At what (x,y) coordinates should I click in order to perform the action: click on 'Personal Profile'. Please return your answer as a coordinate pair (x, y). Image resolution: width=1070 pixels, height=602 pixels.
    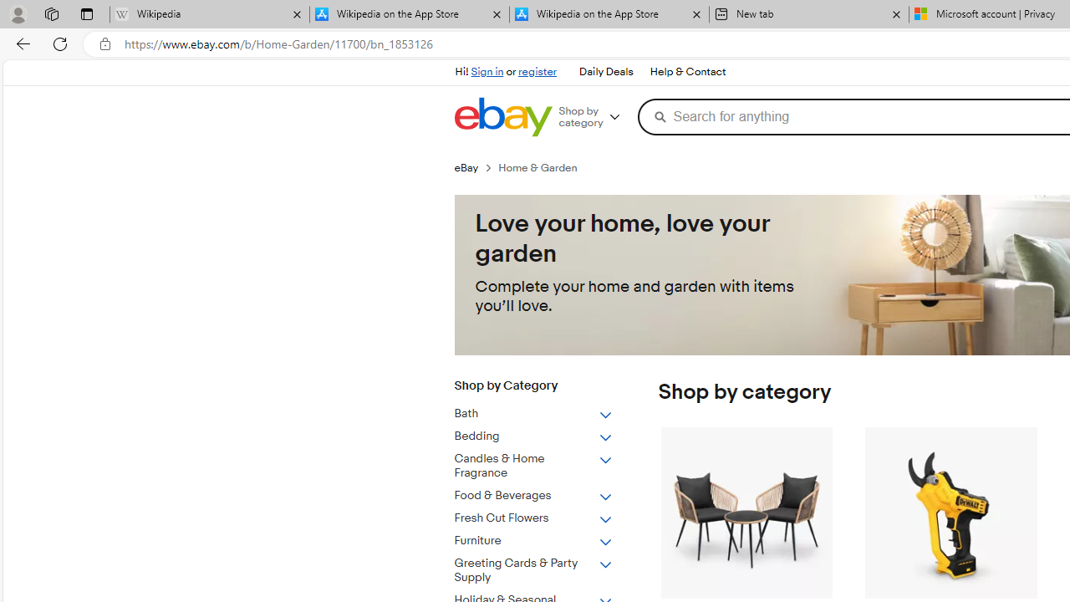
    Looking at the image, I should click on (18, 13).